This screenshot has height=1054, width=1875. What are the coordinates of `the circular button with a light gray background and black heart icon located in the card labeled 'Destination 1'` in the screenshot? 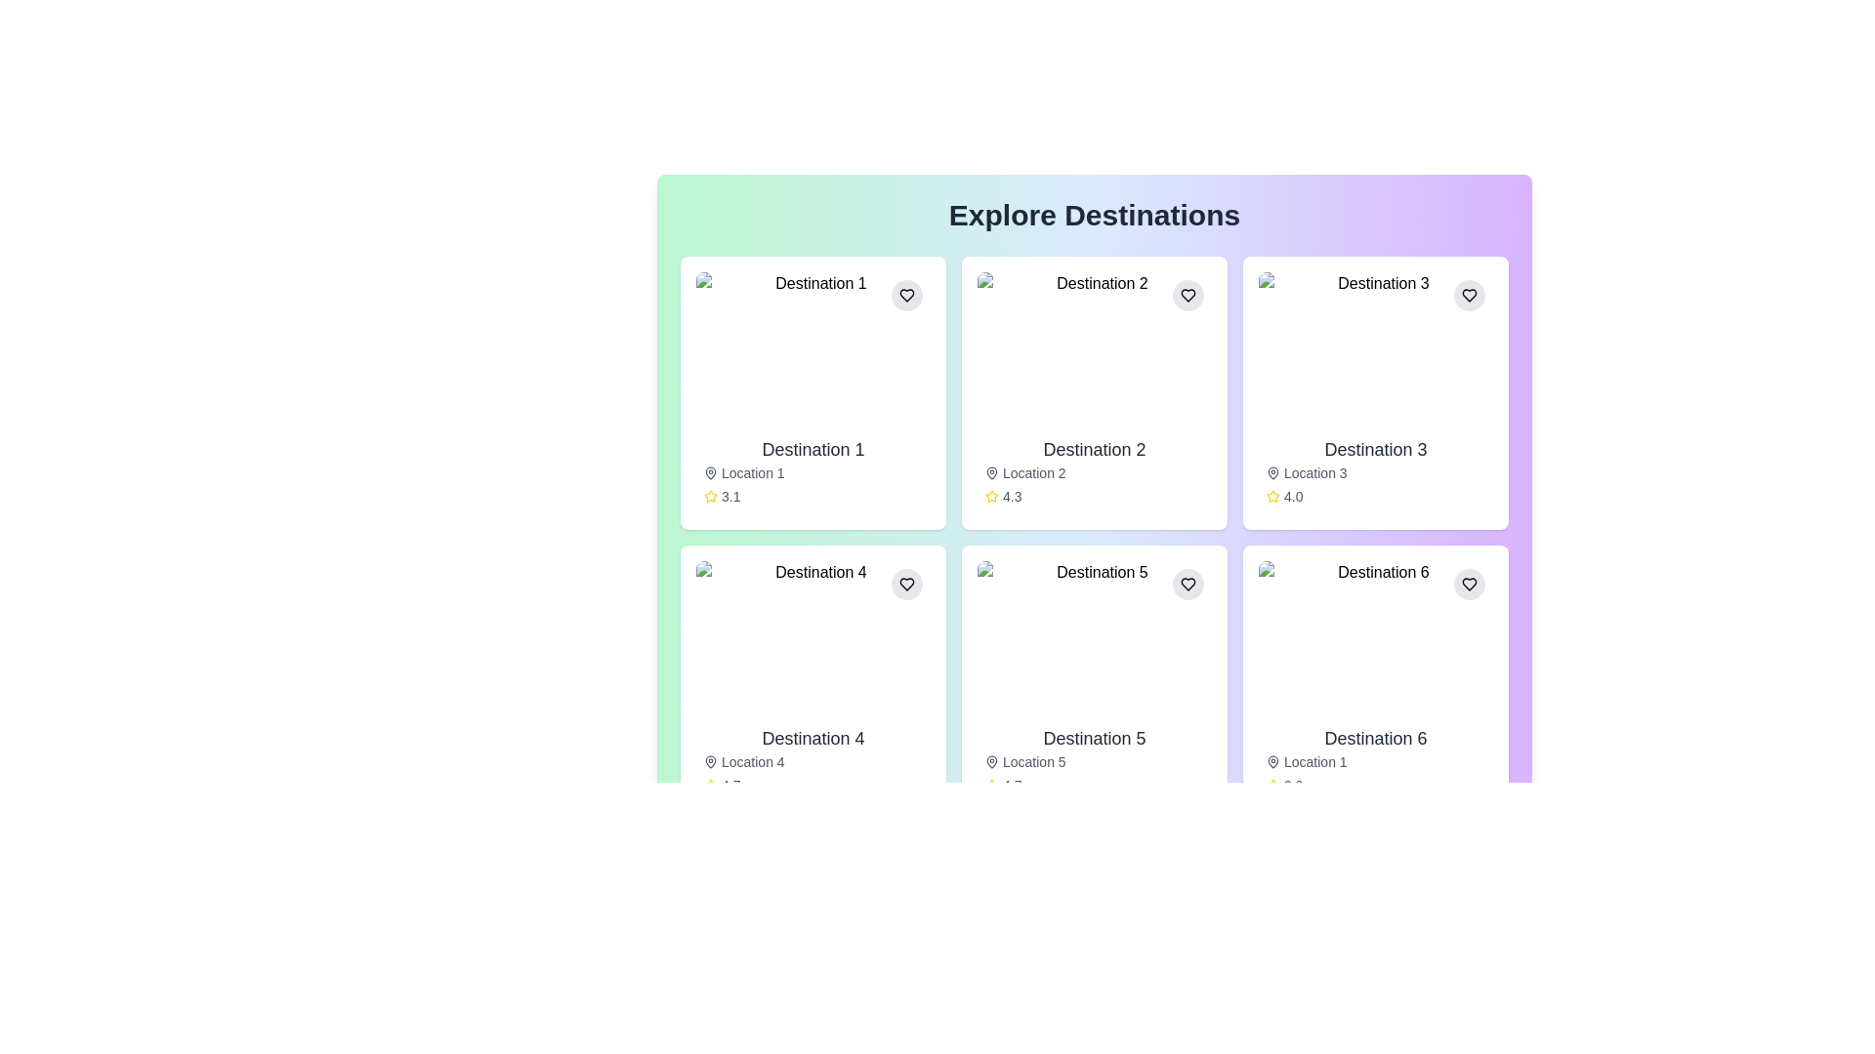 It's located at (906, 296).